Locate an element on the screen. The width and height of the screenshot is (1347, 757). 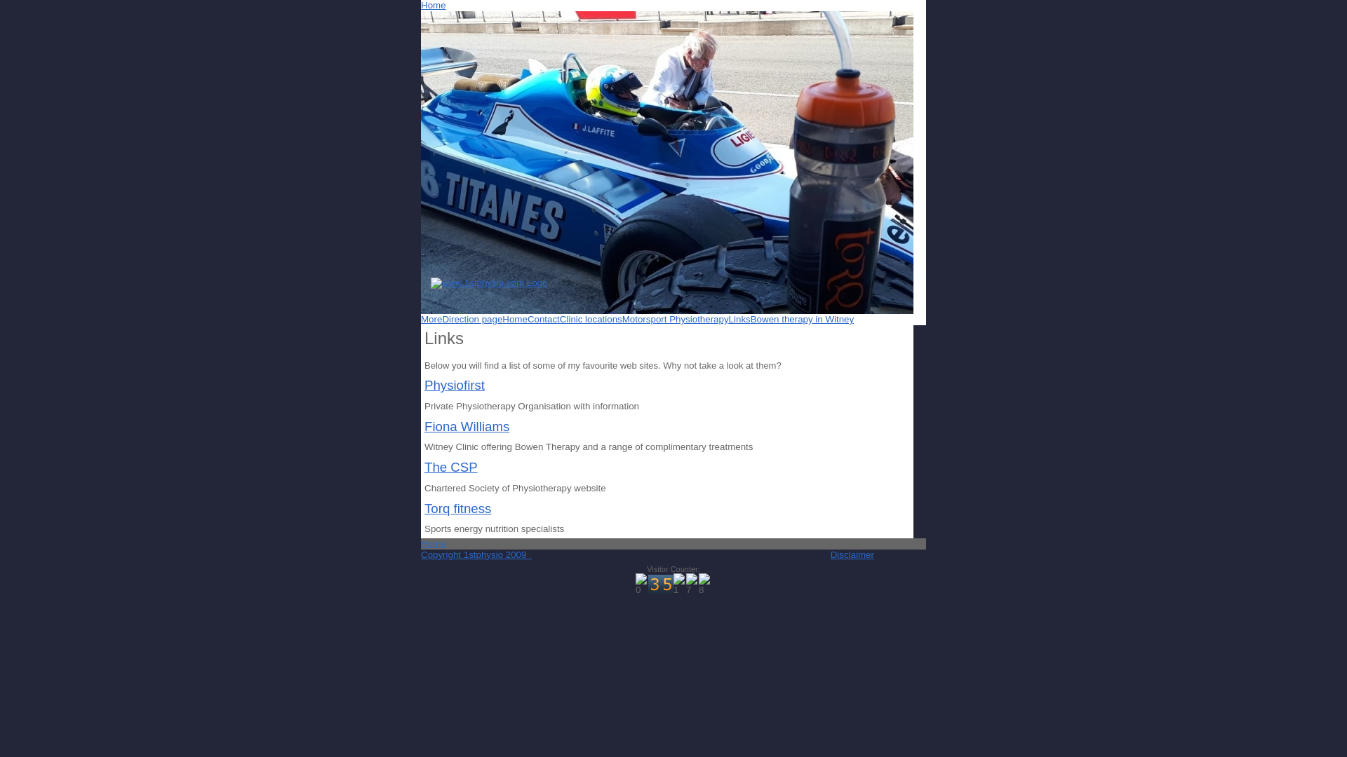
'The CSP' is located at coordinates (451, 467).